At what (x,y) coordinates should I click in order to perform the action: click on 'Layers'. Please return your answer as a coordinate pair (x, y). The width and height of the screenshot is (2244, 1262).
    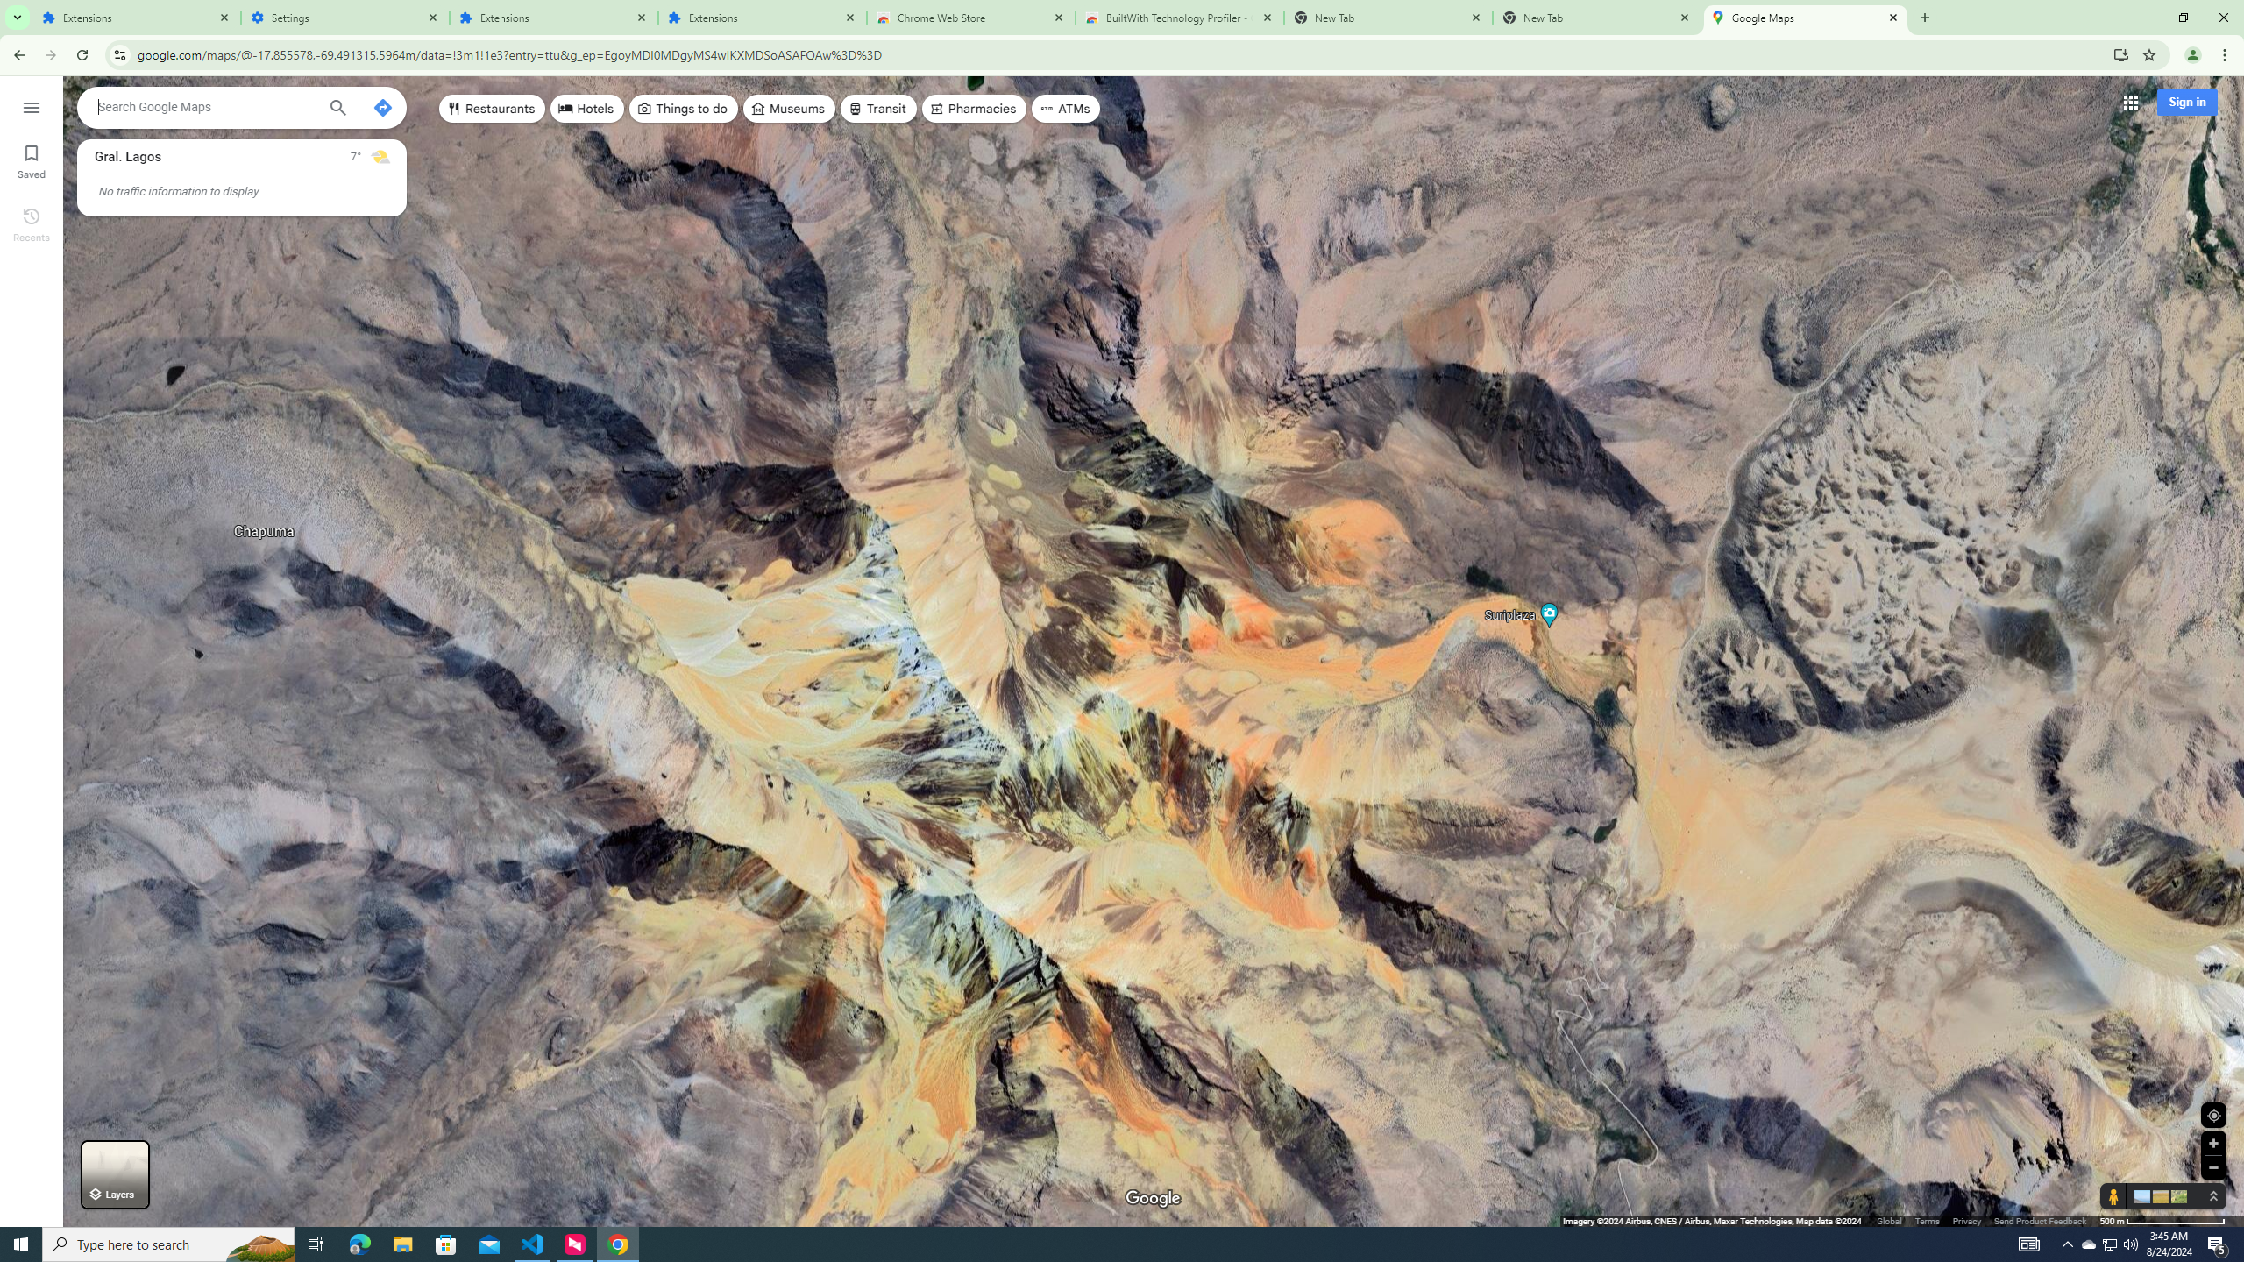
    Looking at the image, I should click on (114, 1174).